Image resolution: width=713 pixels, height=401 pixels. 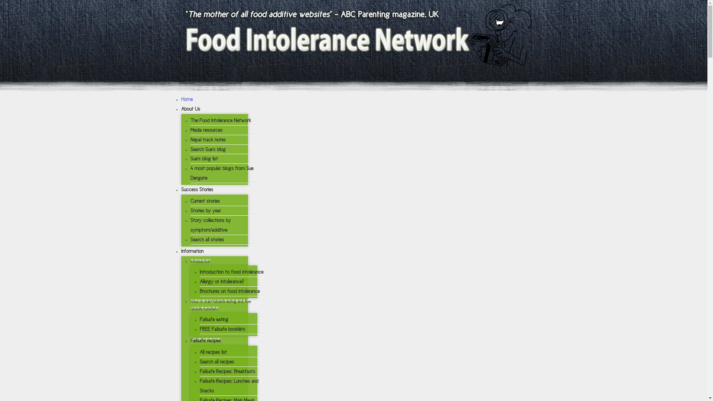 I want to click on 'Introduction to food intolerance', so click(x=230, y=160).